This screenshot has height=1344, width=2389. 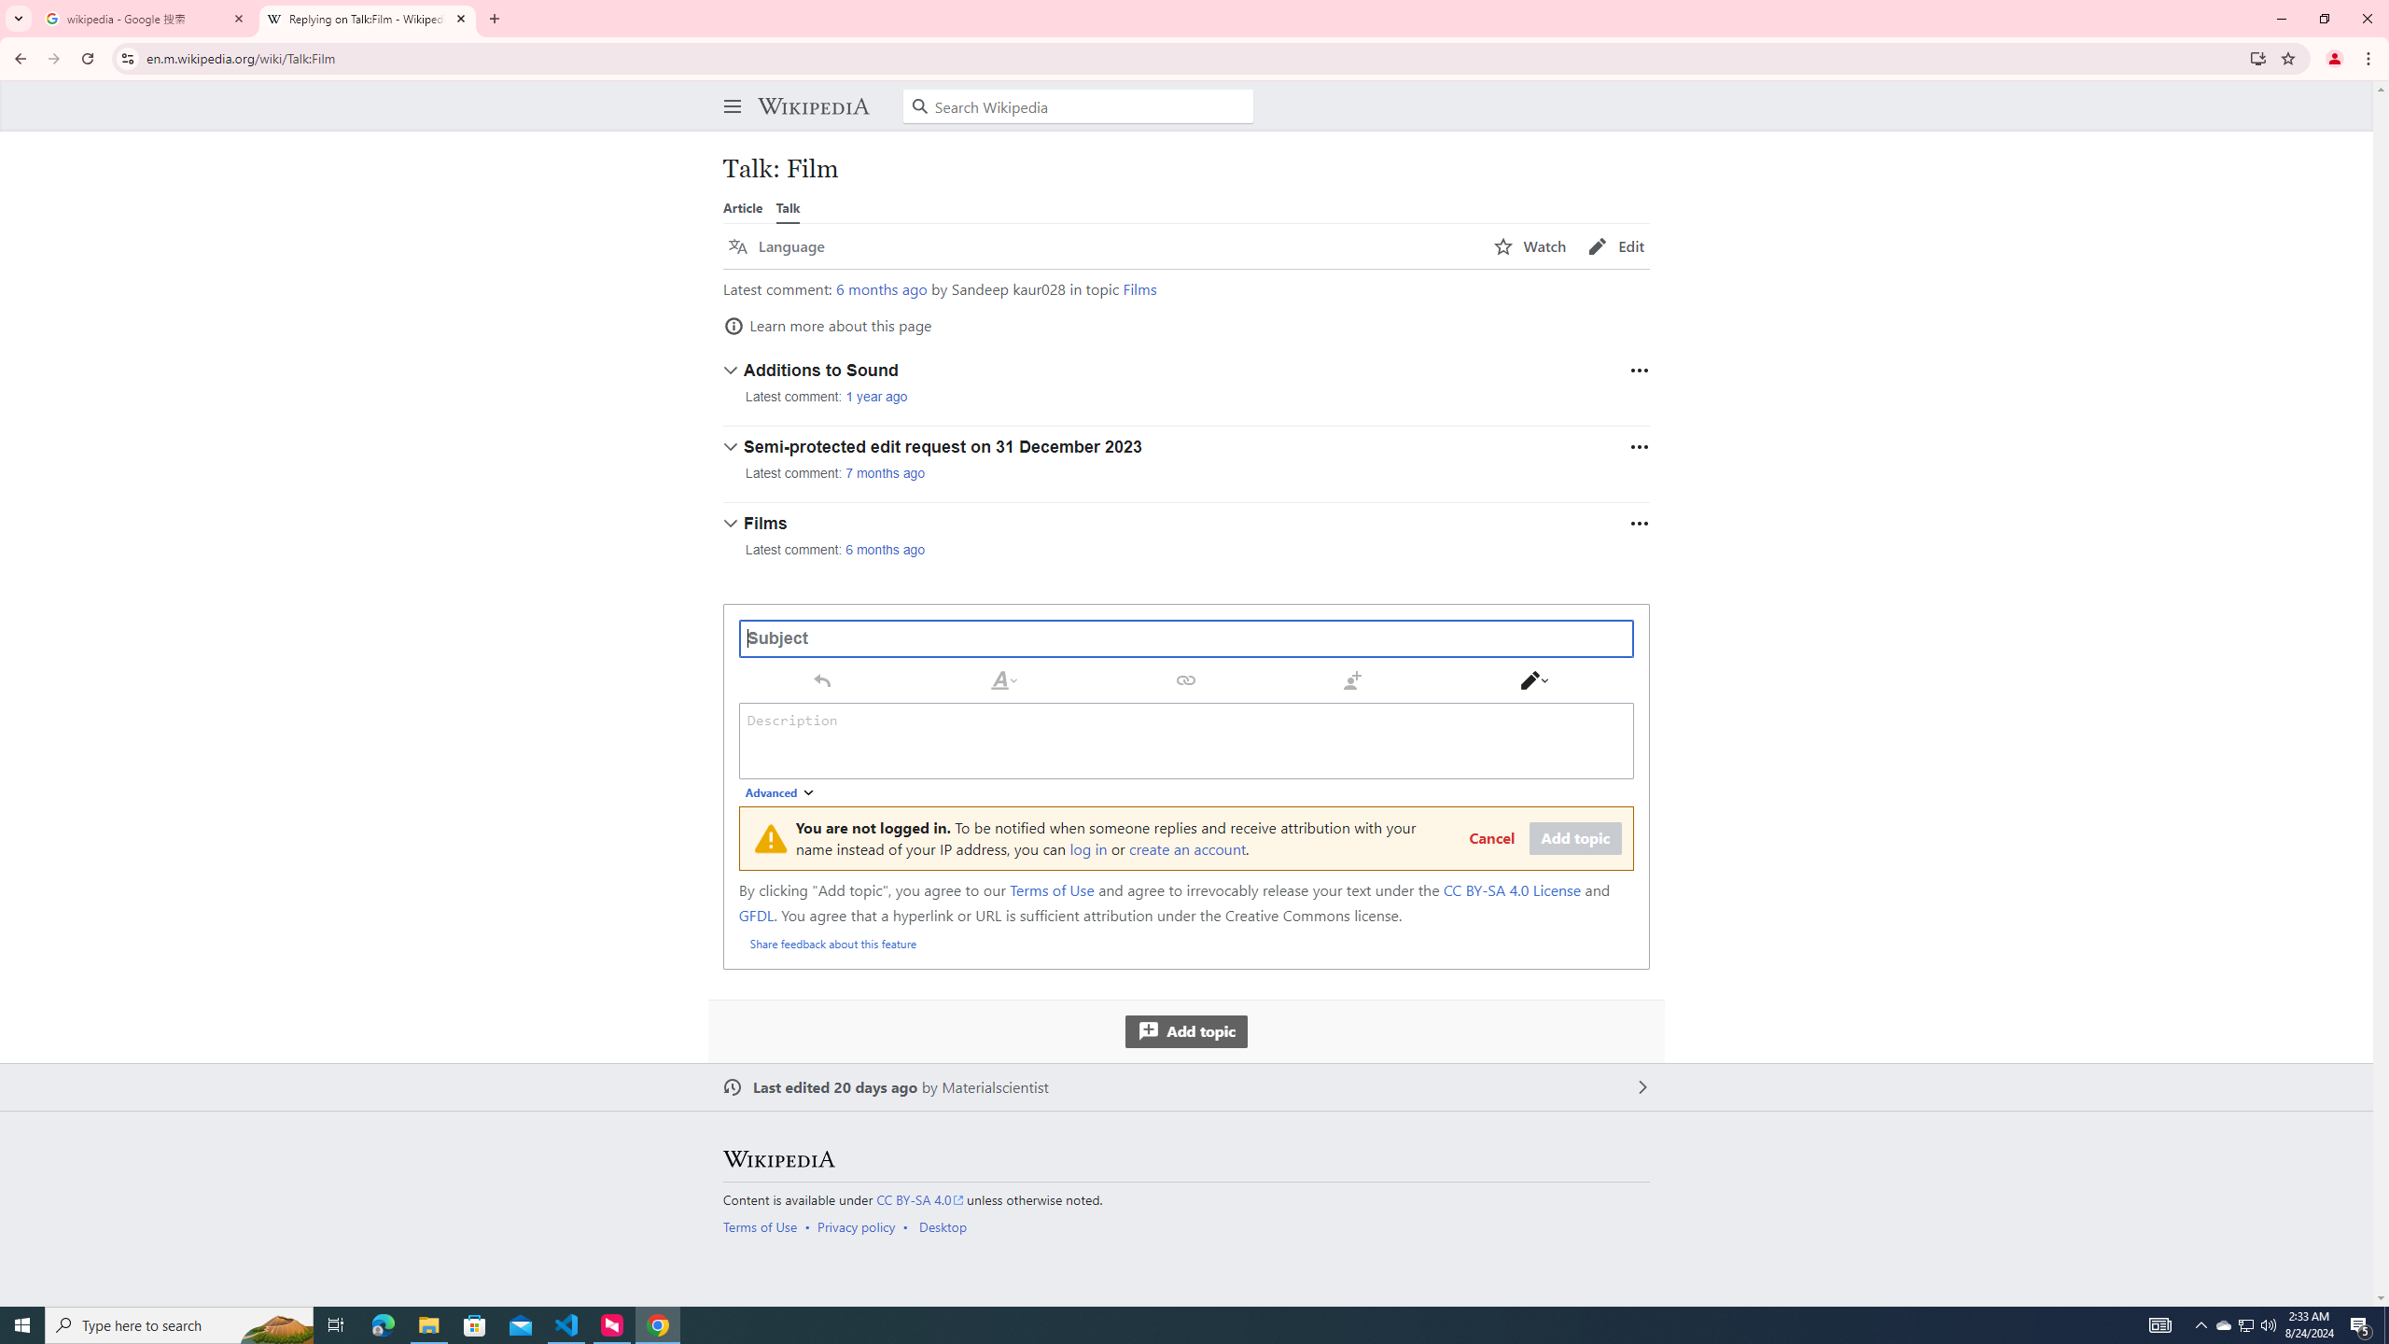 I want to click on 'Search Wikipedia', so click(x=1077, y=106).